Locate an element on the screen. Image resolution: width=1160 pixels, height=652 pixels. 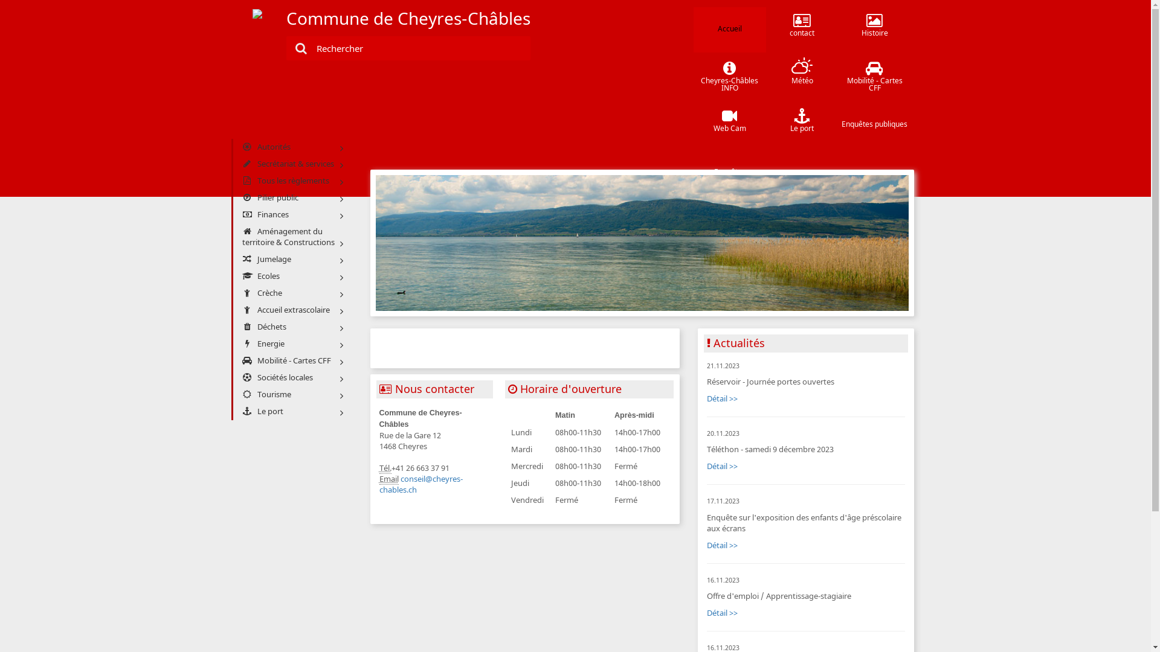
'Accueil extrascolaire' is located at coordinates (291, 309).